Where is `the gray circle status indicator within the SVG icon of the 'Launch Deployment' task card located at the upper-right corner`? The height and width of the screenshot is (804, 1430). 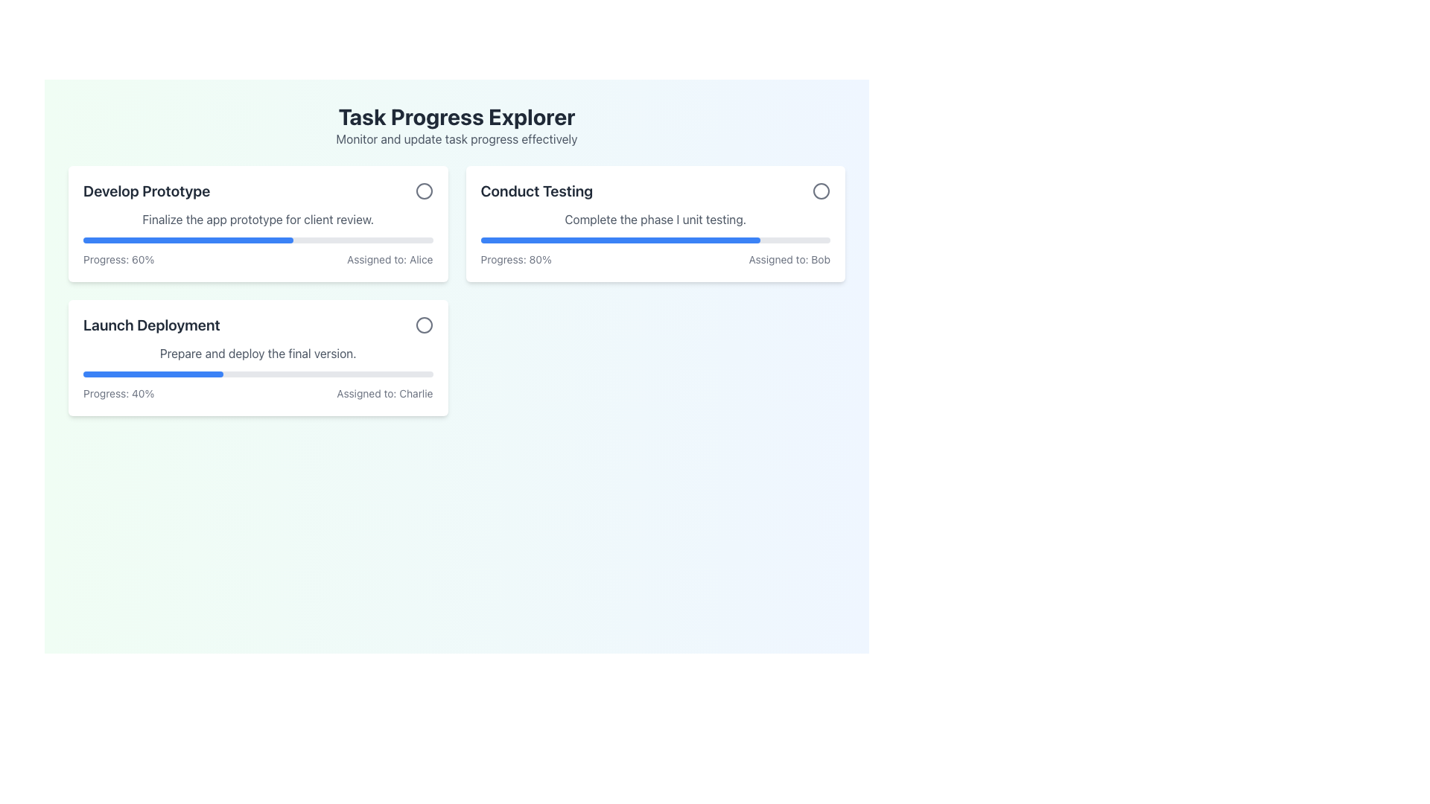
the gray circle status indicator within the SVG icon of the 'Launch Deployment' task card located at the upper-right corner is located at coordinates (423, 324).